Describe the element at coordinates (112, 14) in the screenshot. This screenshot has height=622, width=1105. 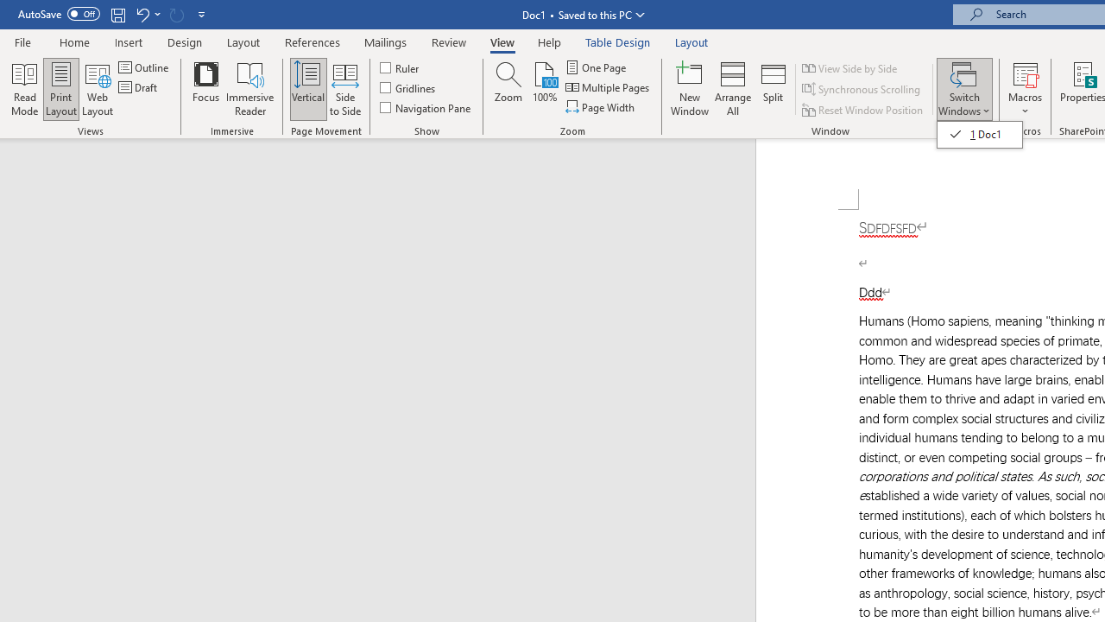
I see `'Quick Access Toolbar'` at that location.